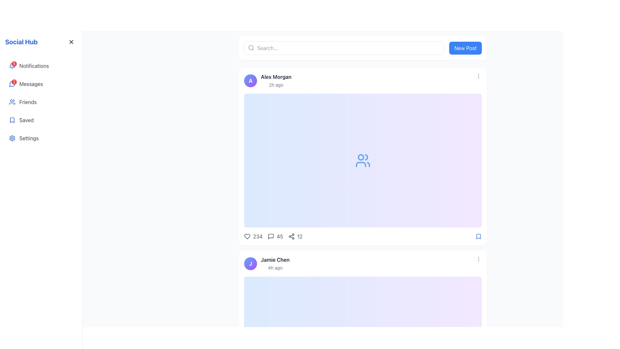 Image resolution: width=620 pixels, height=349 pixels. Describe the element at coordinates (247, 237) in the screenshot. I see `the heart icon to like the post, which has a hollow outline and is located next to the numeric text indicating the count of interactions` at that location.